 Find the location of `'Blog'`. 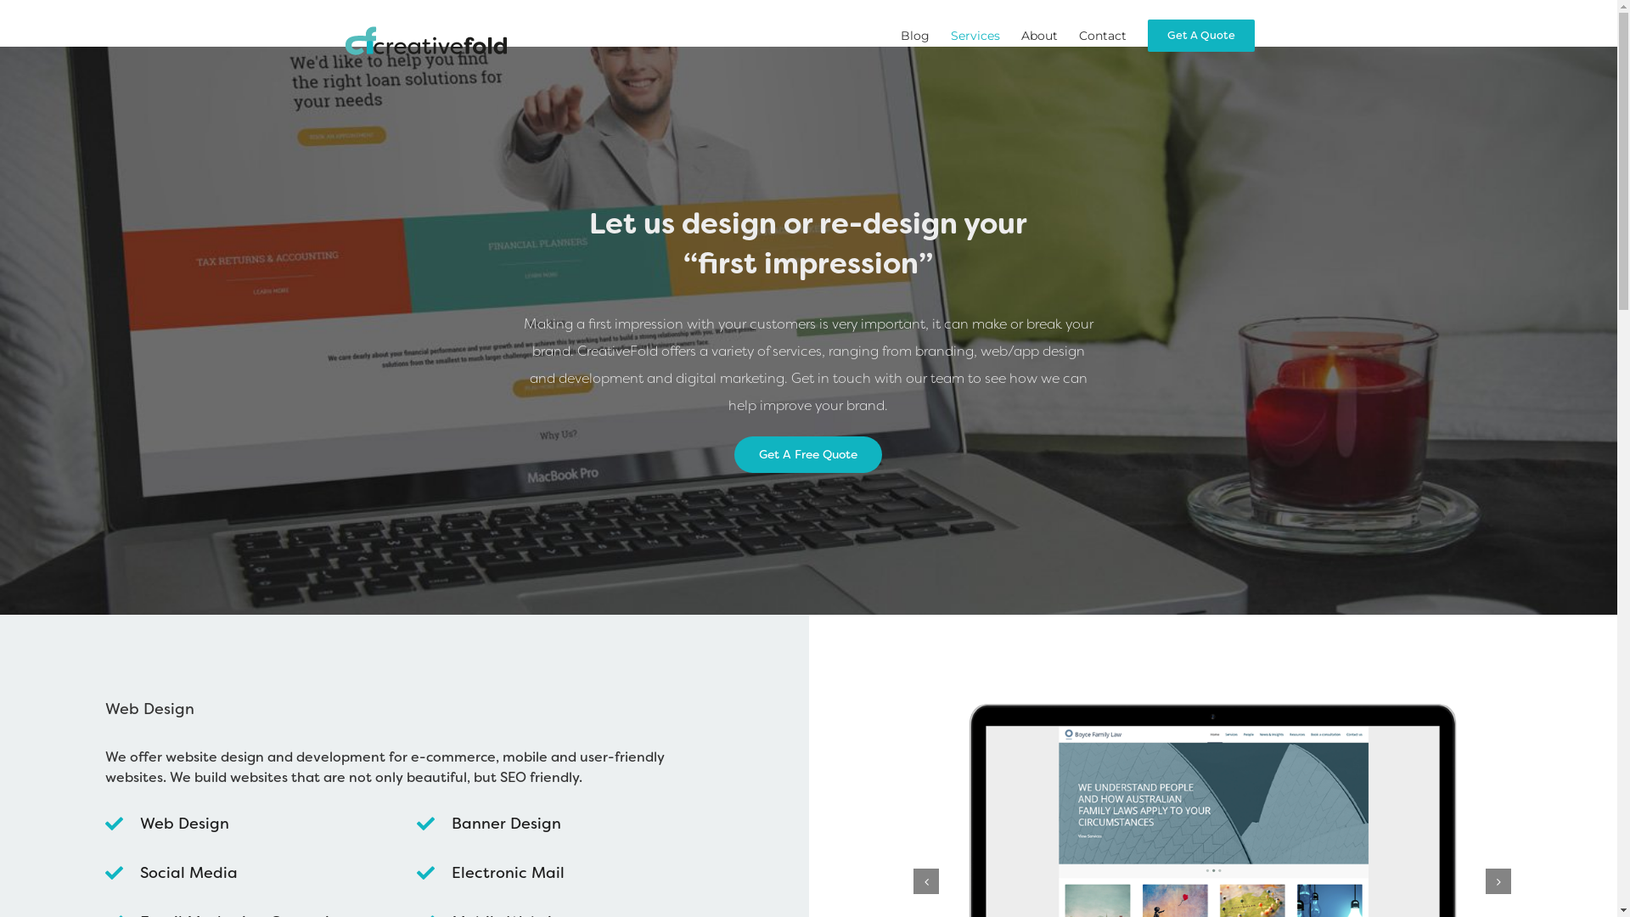

'Blog' is located at coordinates (913, 35).